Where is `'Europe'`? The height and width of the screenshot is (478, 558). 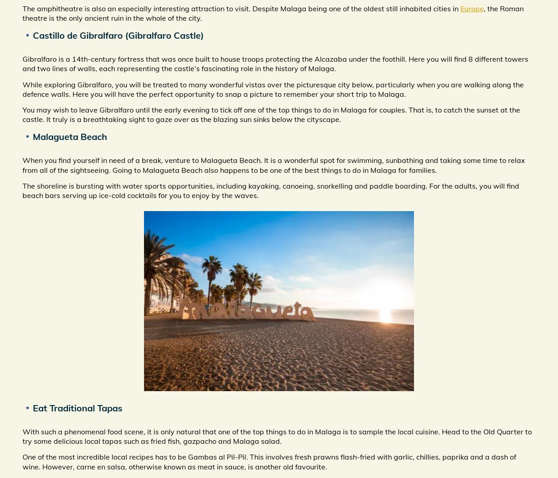
'Europe' is located at coordinates (472, 8).